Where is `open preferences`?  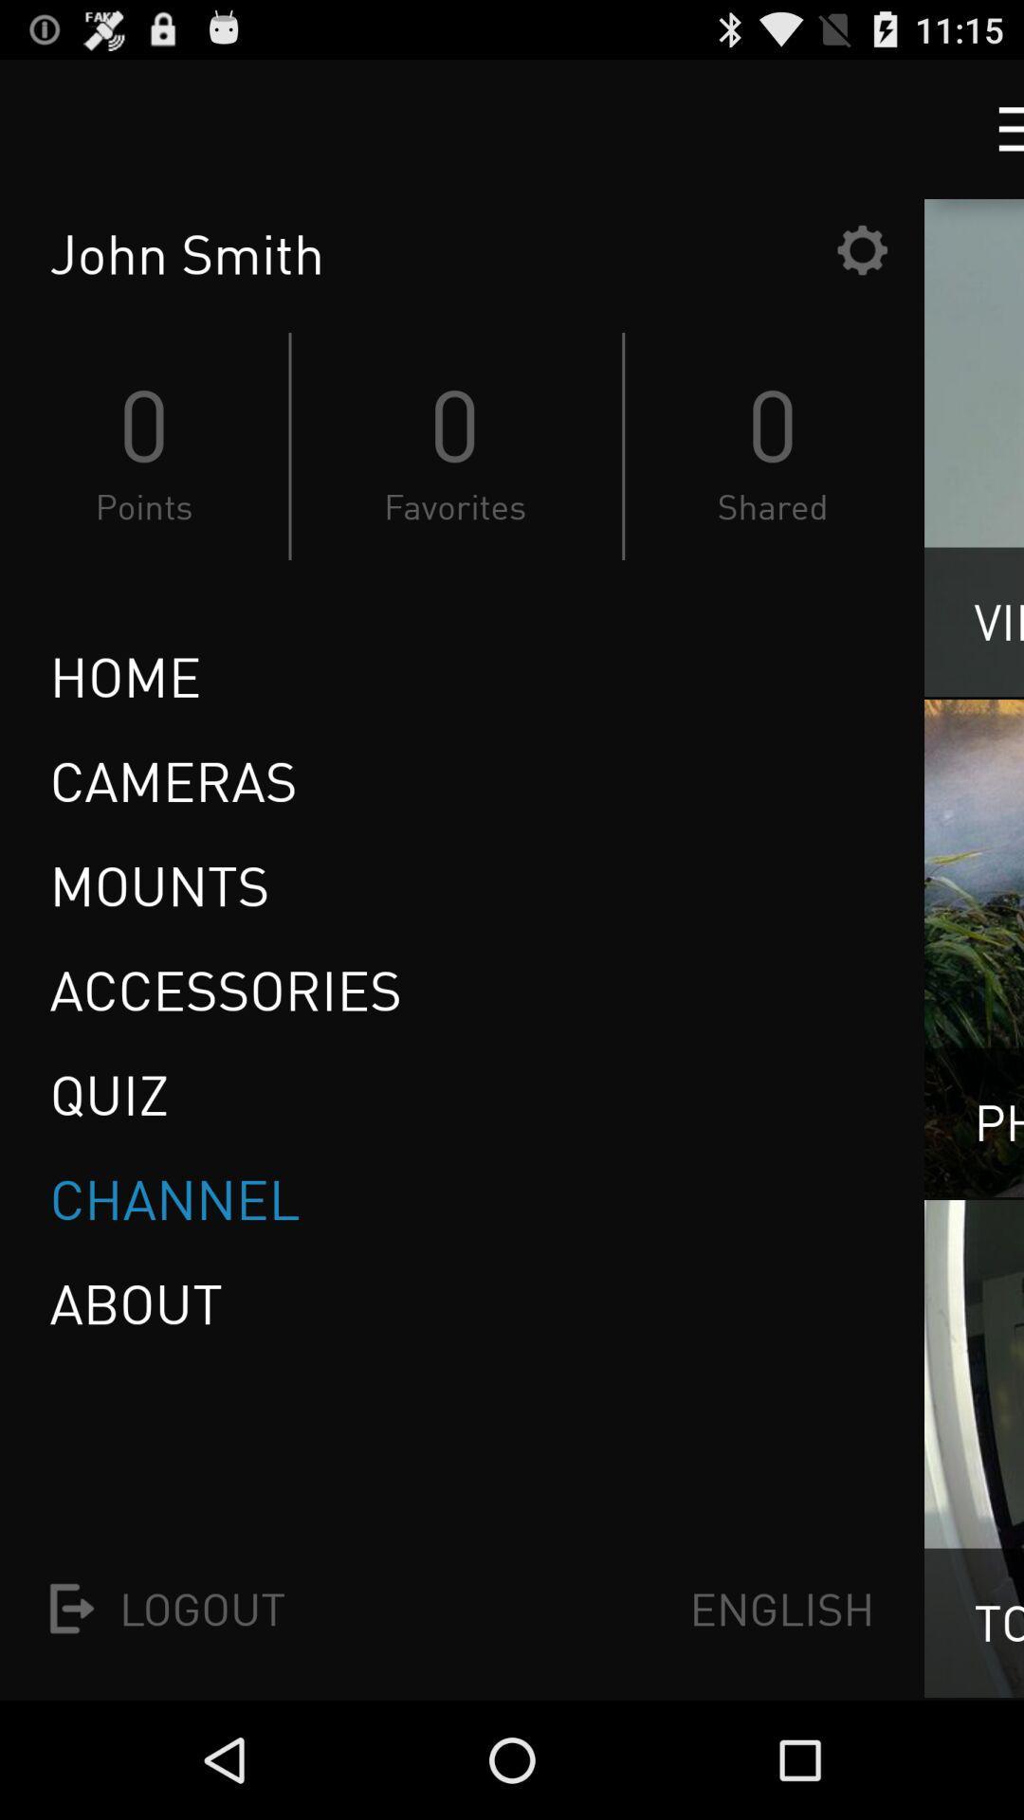
open preferences is located at coordinates (862, 248).